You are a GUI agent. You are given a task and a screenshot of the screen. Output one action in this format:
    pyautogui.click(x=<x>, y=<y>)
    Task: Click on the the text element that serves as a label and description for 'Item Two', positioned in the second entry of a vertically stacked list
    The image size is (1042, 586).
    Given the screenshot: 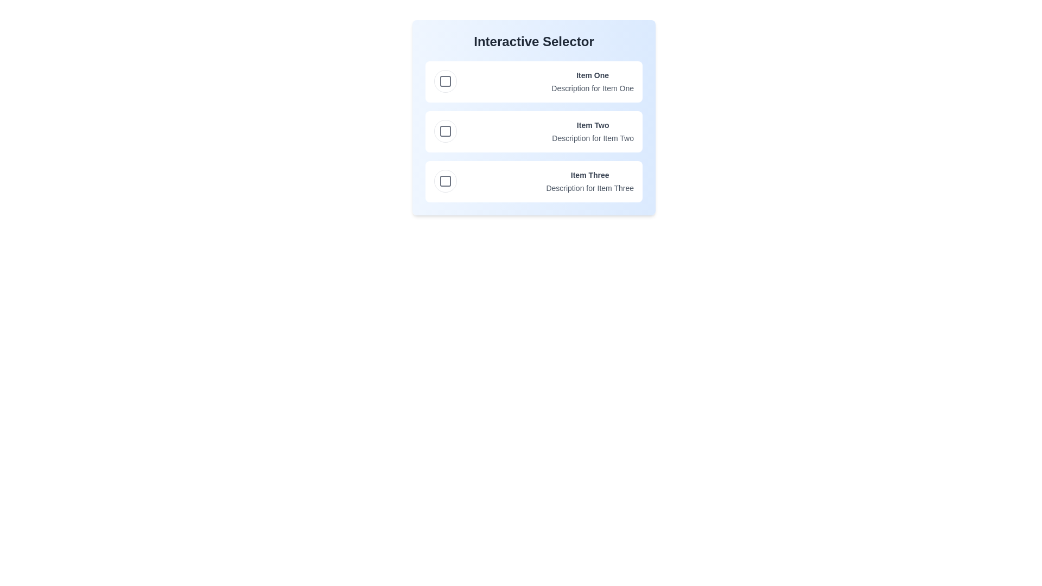 What is the action you would take?
    pyautogui.click(x=592, y=131)
    